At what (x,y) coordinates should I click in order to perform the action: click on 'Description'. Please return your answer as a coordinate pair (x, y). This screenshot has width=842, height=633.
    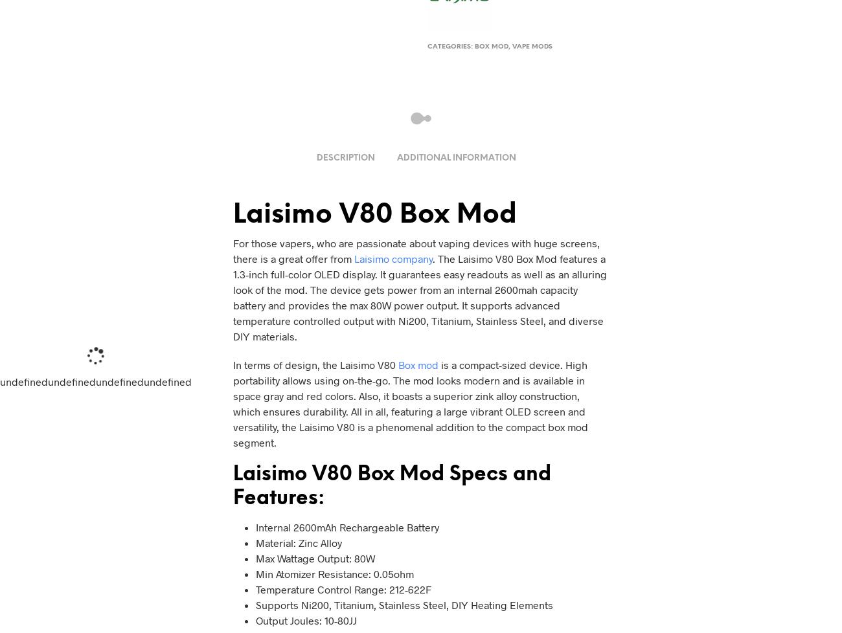
    Looking at the image, I should click on (345, 158).